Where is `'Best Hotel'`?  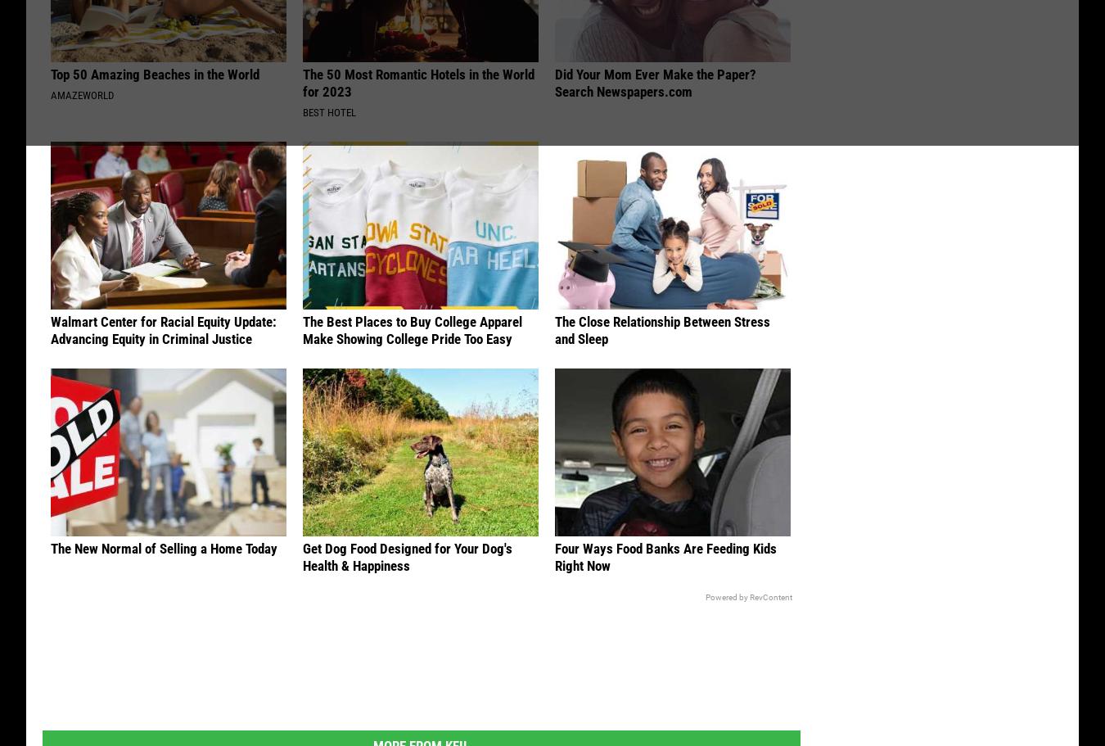 'Best Hotel' is located at coordinates (303, 114).